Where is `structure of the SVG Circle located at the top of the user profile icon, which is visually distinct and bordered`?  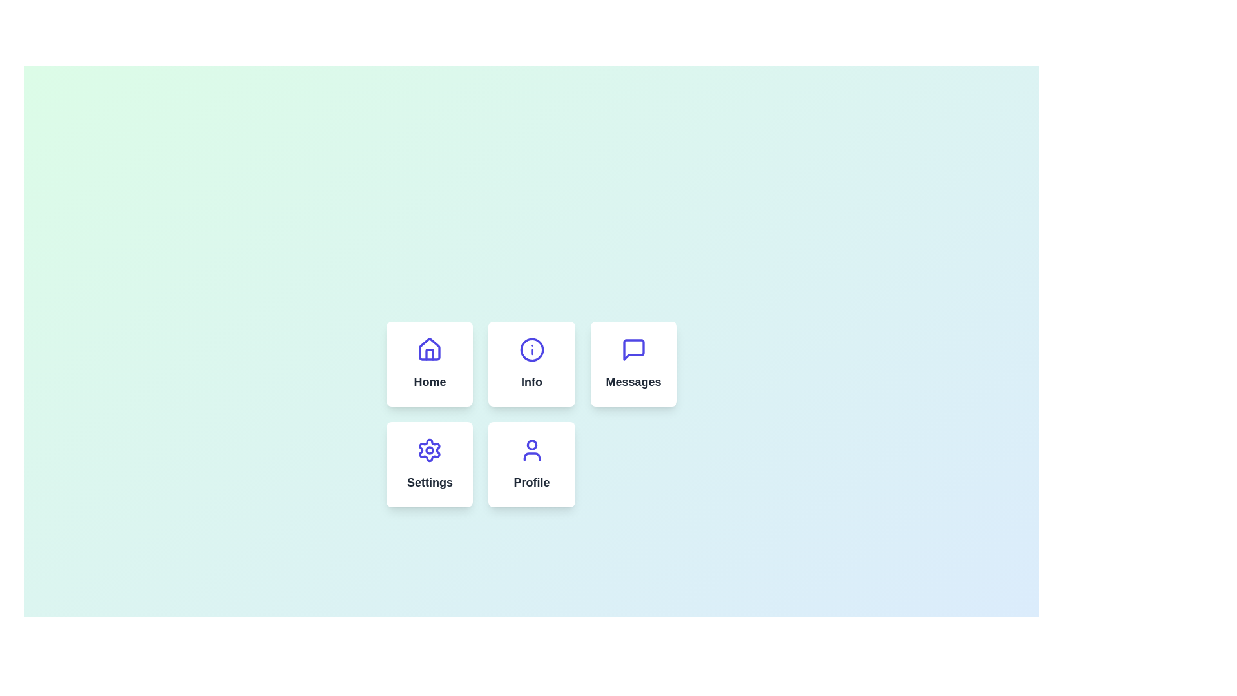 structure of the SVG Circle located at the top of the user profile icon, which is visually distinct and bordered is located at coordinates (532, 444).